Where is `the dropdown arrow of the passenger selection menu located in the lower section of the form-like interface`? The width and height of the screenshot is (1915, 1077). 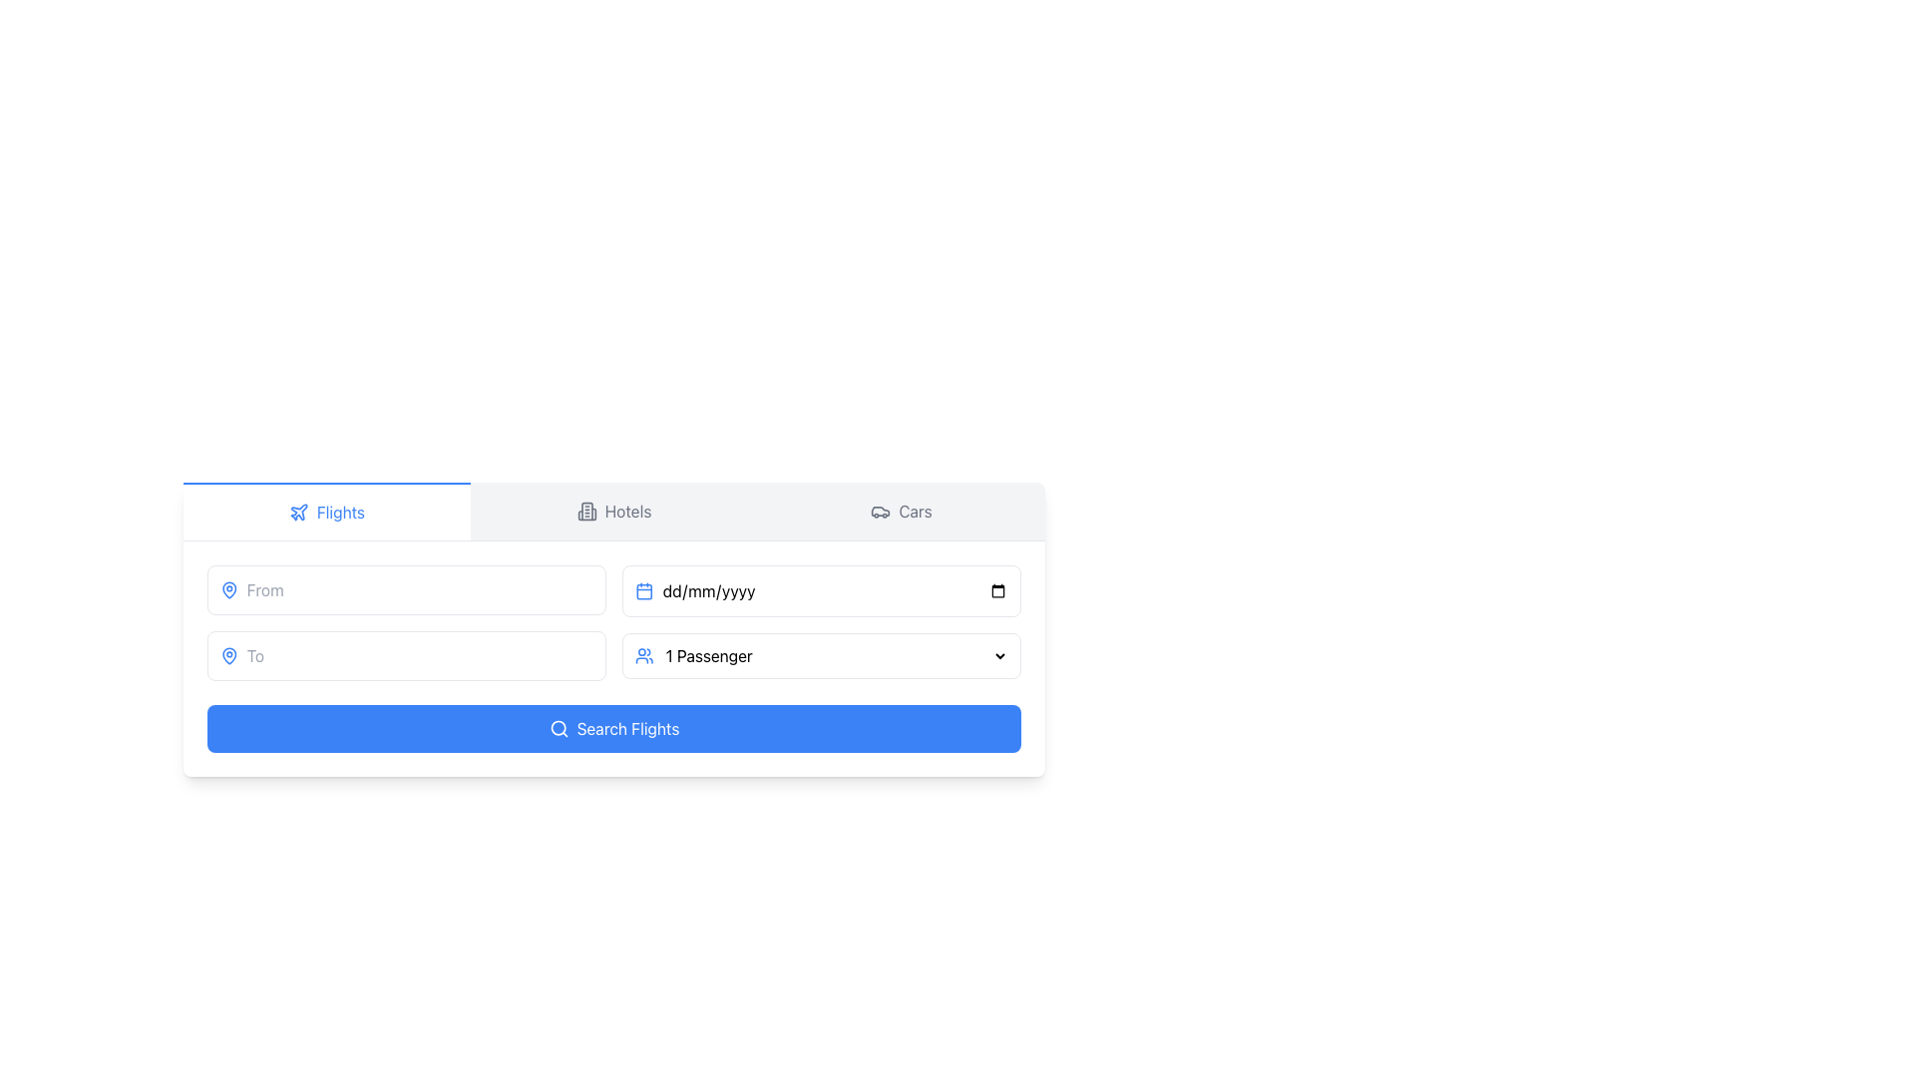
the dropdown arrow of the passenger selection menu located in the lower section of the form-like interface is located at coordinates (822, 656).